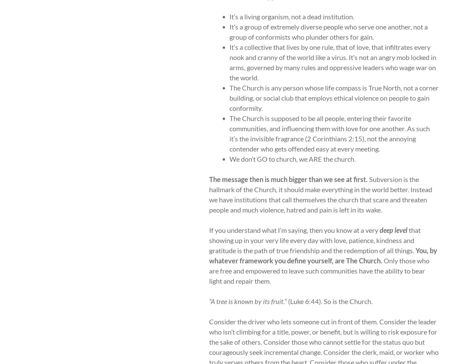 This screenshot has height=364, width=463. I want to click on 'You, by whatever framework you define yourself, are The Church.', so click(323, 255).